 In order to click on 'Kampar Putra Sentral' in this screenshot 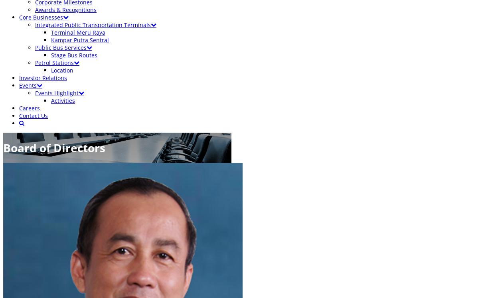, I will do `click(80, 40)`.